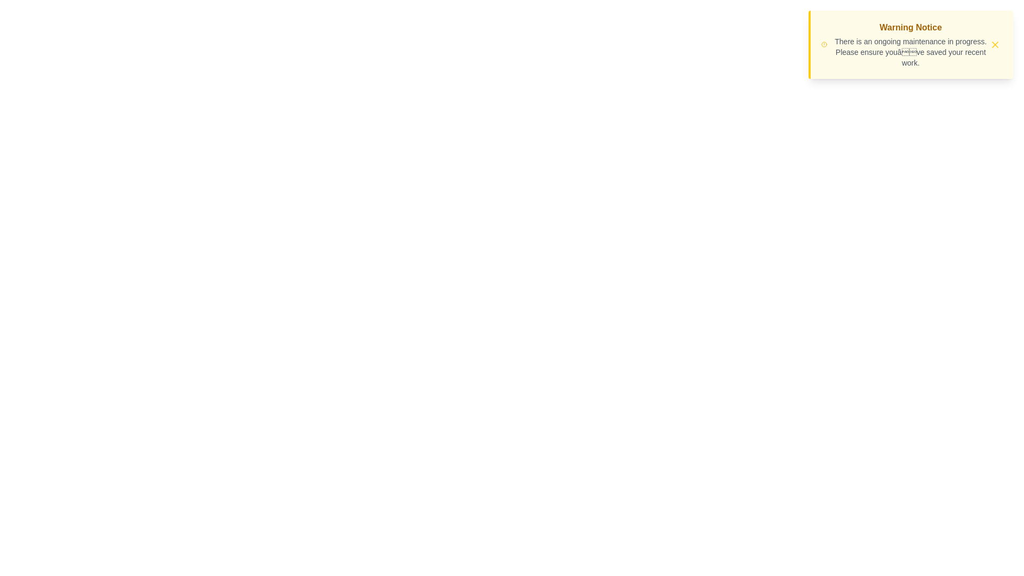  I want to click on the close button of the alert to dismiss it, so click(995, 44).